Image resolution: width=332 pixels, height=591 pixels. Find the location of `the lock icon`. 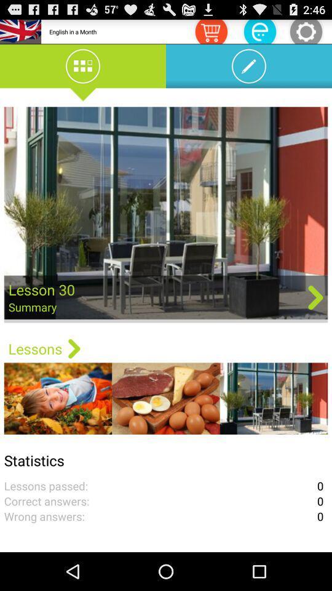

the lock icon is located at coordinates (259, 33).